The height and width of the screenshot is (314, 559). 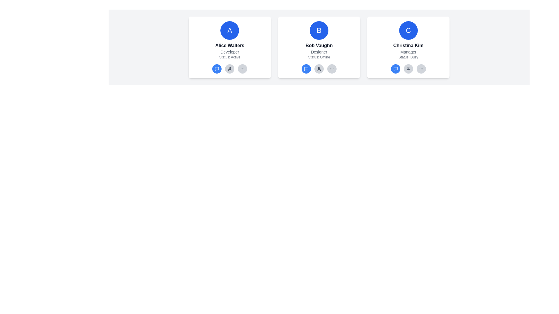 What do you see at coordinates (408, 57) in the screenshot?
I see `the text label element that displays 'Status: Busy' in gray color, located below 'Manager' in the user information card for 'Christina Kim.'` at bounding box center [408, 57].